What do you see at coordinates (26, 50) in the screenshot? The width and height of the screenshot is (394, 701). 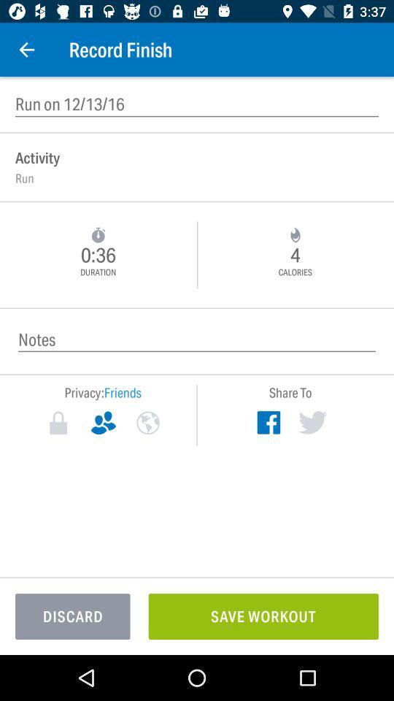 I see `item next to record finish` at bounding box center [26, 50].